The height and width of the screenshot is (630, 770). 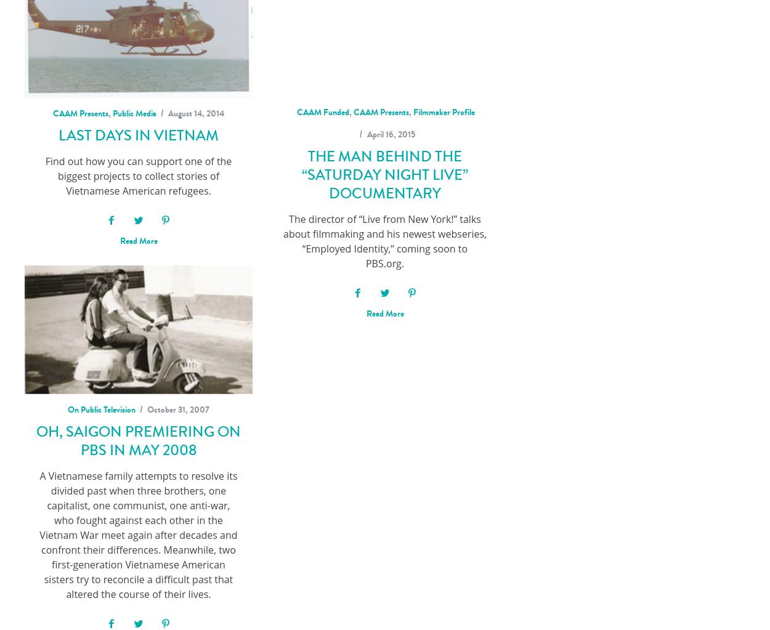 I want to click on 'A Vietnamese family attempts to resolve its divided past when three brothers, one capitalist, one communist, one anti-war, who fought against each other in the Vietnam War meet again after decades and confront their differences. Meanwhile, two first-generation Vietnamese American sisters try to reconcile a difficult past that altered the course of their lives.', so click(x=137, y=535).